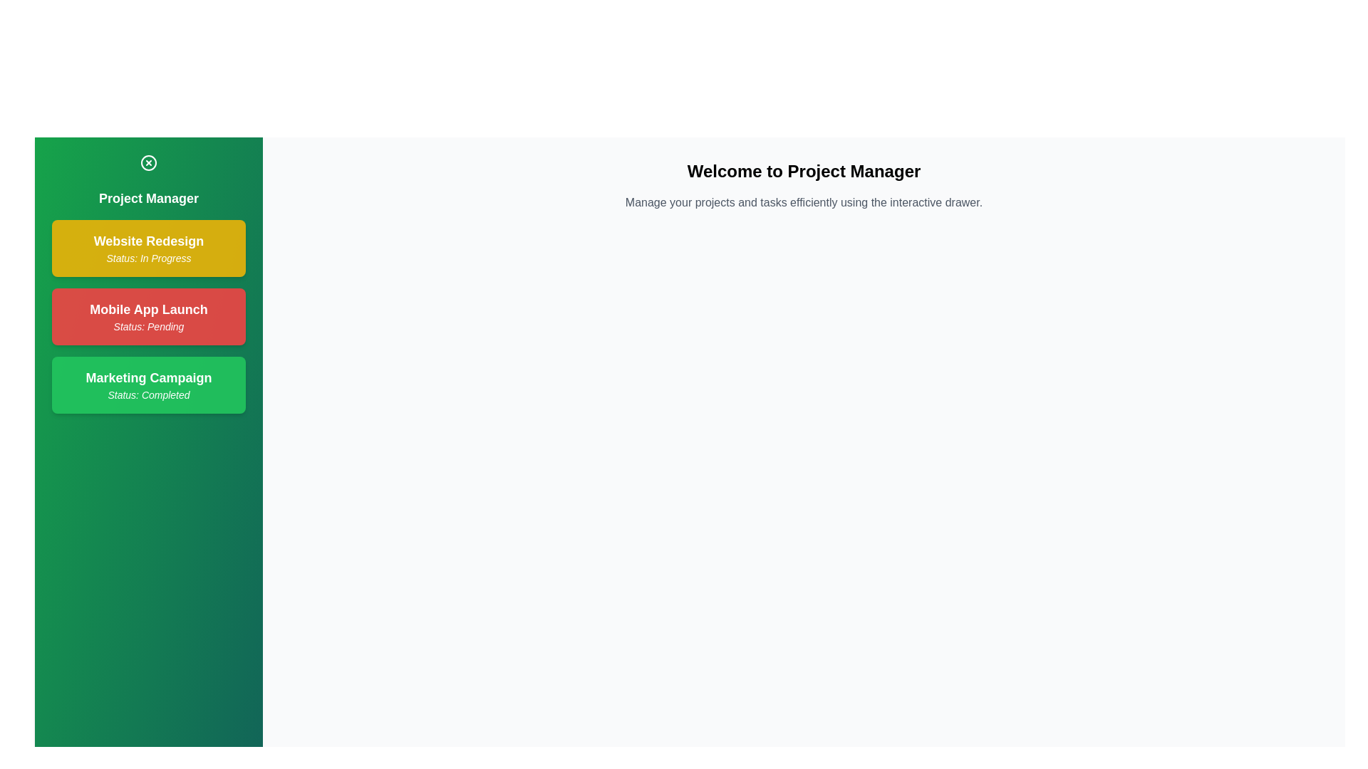 Image resolution: width=1368 pixels, height=769 pixels. What do you see at coordinates (149, 384) in the screenshot?
I see `the project item labeled 'Marketing Campaign'` at bounding box center [149, 384].